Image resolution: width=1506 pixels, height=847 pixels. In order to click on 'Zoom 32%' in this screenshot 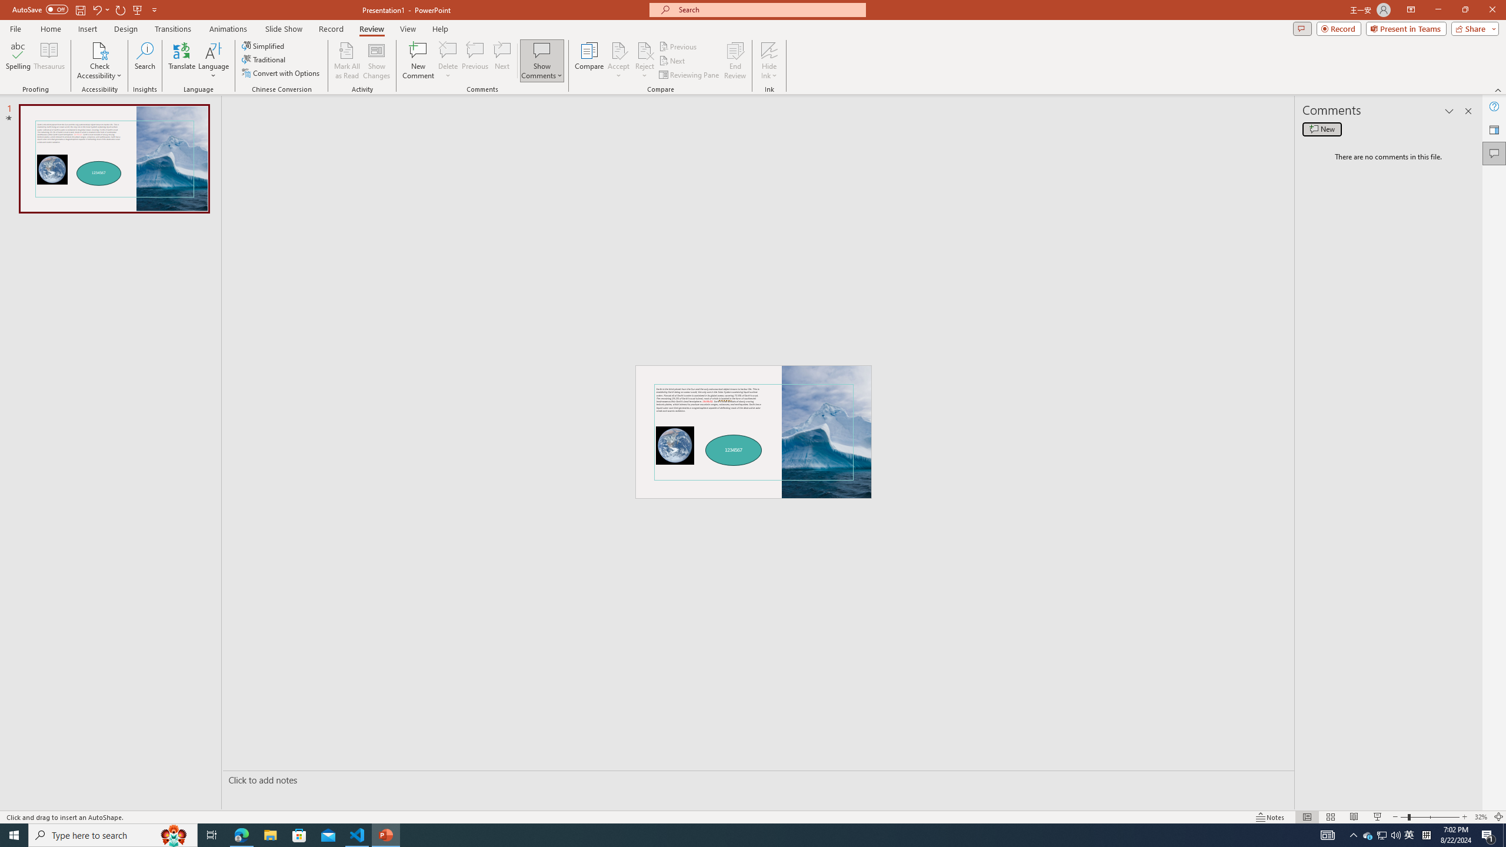, I will do `click(1480, 817)`.